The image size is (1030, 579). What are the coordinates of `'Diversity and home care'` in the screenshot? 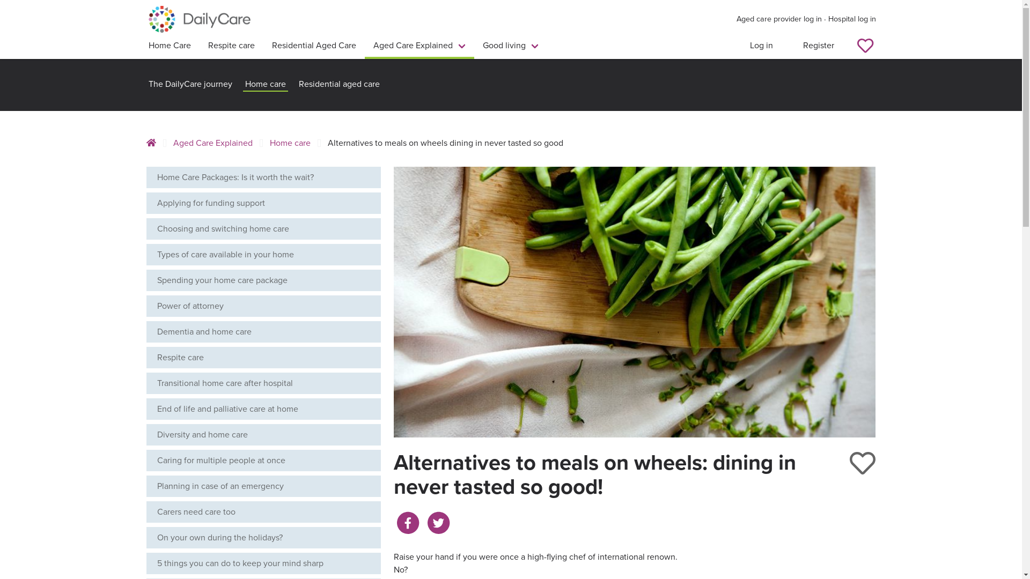 It's located at (263, 434).